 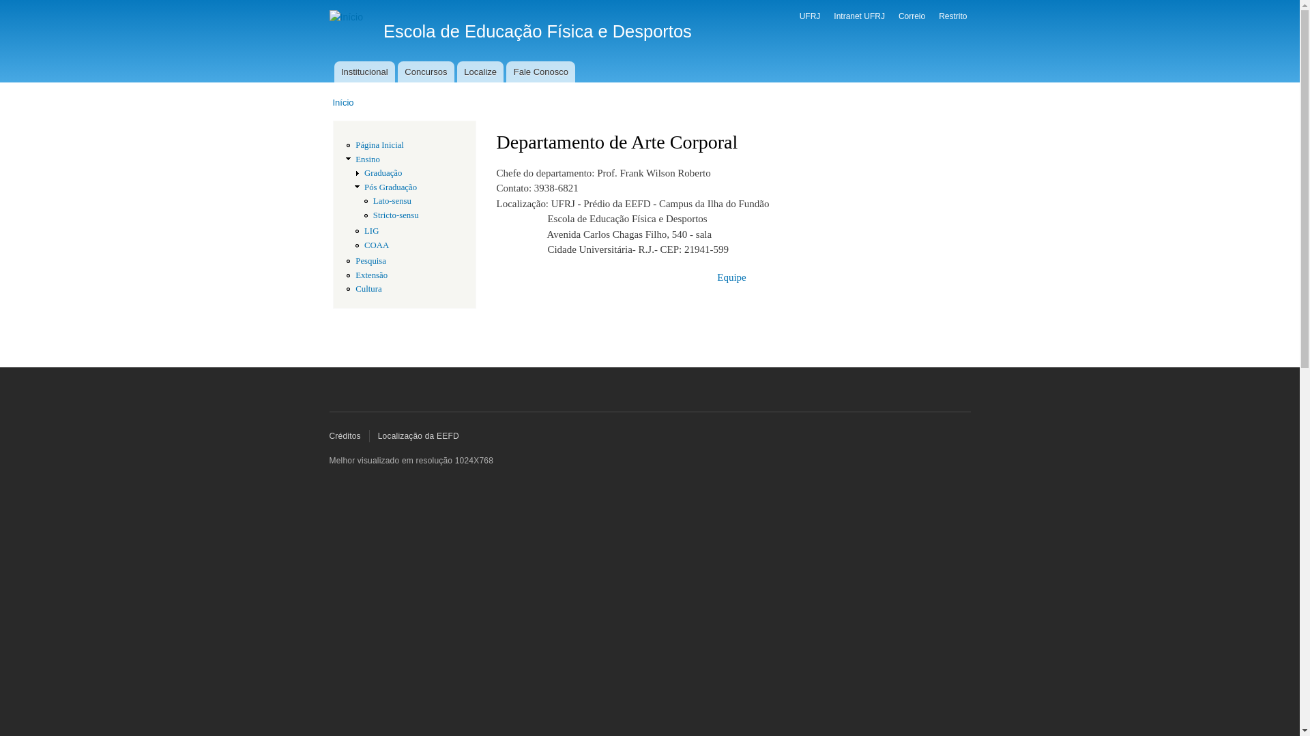 I want to click on 'UFRJ', so click(x=810, y=16).